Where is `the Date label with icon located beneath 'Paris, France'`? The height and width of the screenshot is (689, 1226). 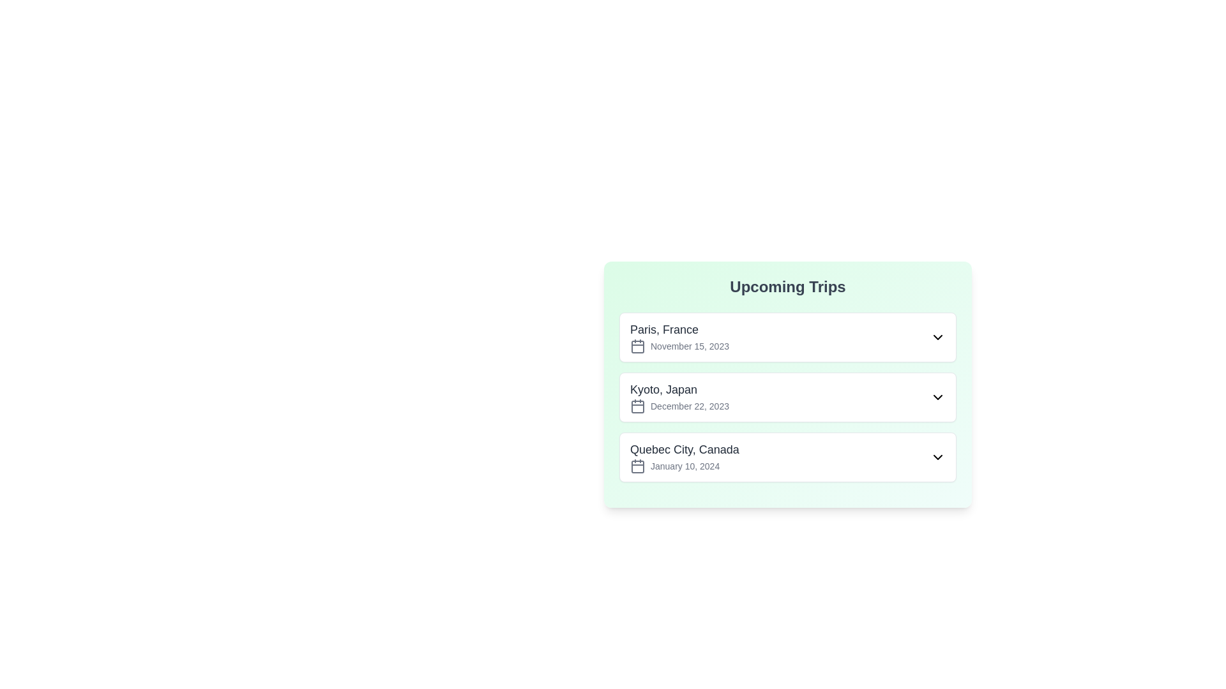 the Date label with icon located beneath 'Paris, France' is located at coordinates (679, 346).